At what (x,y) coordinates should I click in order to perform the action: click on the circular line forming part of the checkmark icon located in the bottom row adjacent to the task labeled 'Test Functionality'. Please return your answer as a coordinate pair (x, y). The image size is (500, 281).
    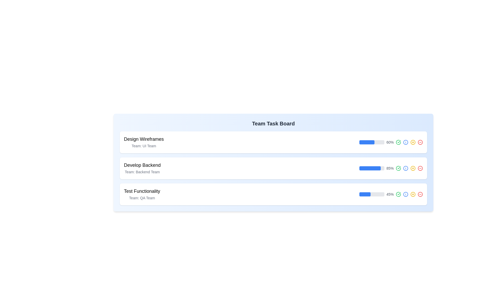
    Looking at the image, I should click on (398, 194).